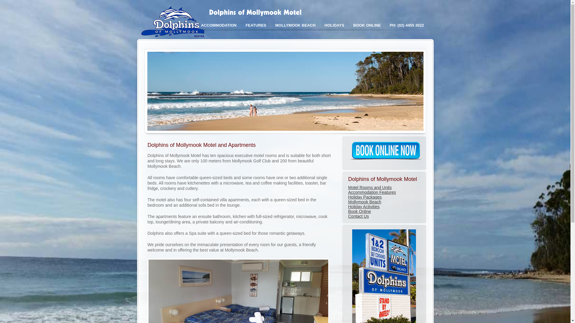 The height and width of the screenshot is (323, 575). What do you see at coordinates (359, 211) in the screenshot?
I see `'Book Online'` at bounding box center [359, 211].